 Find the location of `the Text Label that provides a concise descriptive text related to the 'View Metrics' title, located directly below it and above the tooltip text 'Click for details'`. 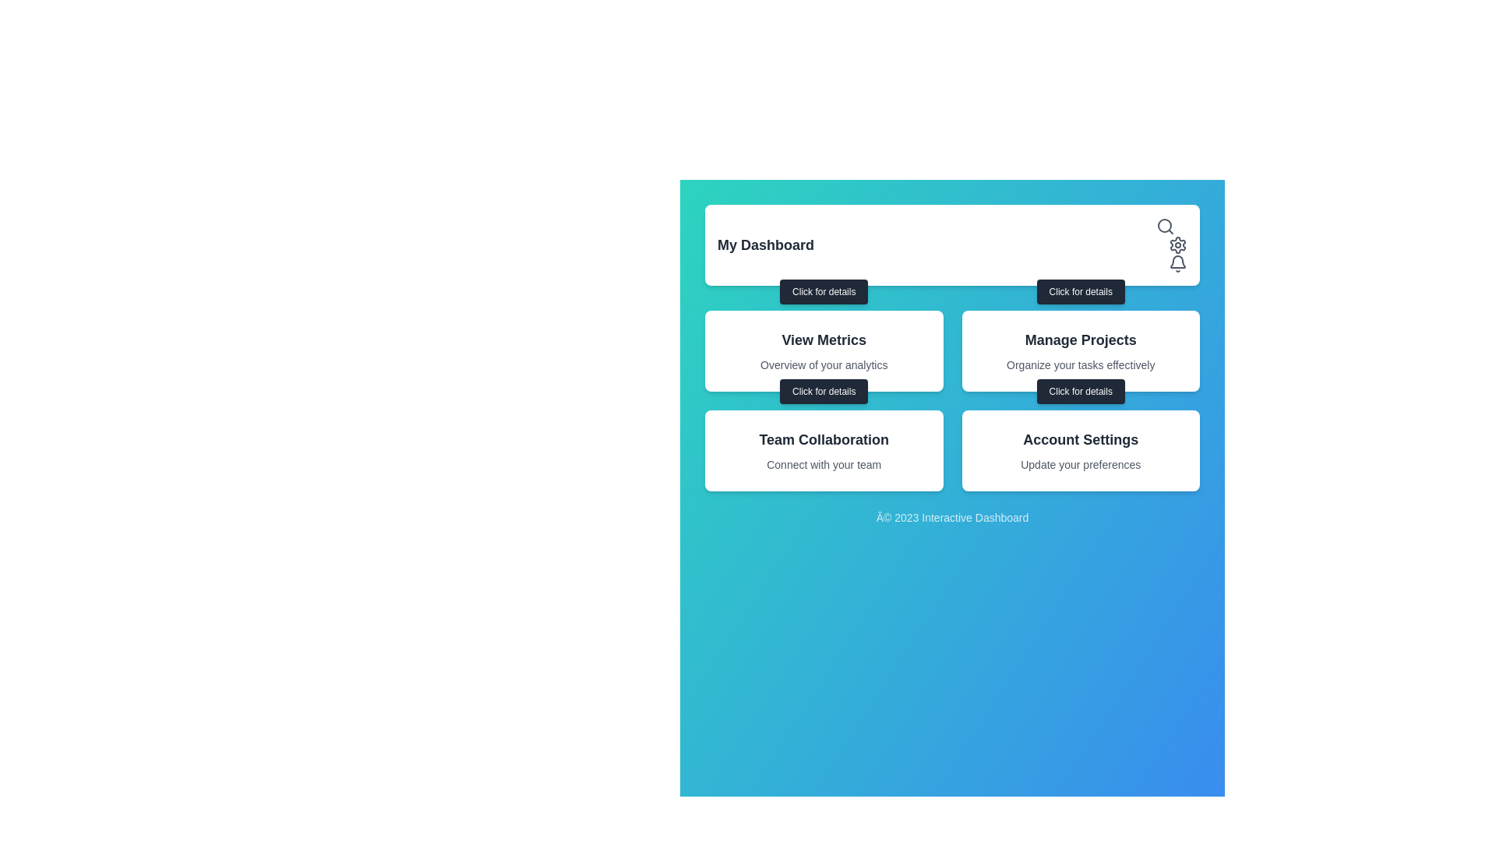

the Text Label that provides a concise descriptive text related to the 'View Metrics' title, located directly below it and above the tooltip text 'Click for details' is located at coordinates (823, 365).